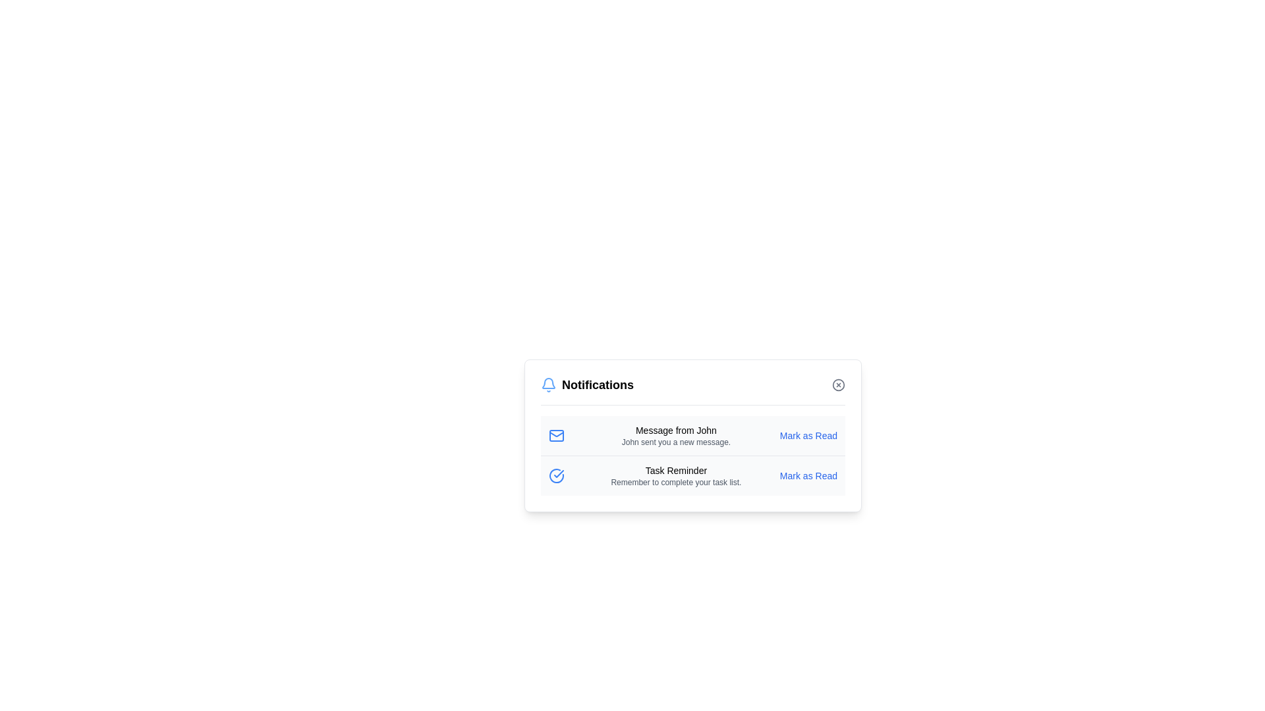  What do you see at coordinates (556, 475) in the screenshot?
I see `the completion status icon for the 'Task Reminder' notification, which is the first element in the notification group` at bounding box center [556, 475].